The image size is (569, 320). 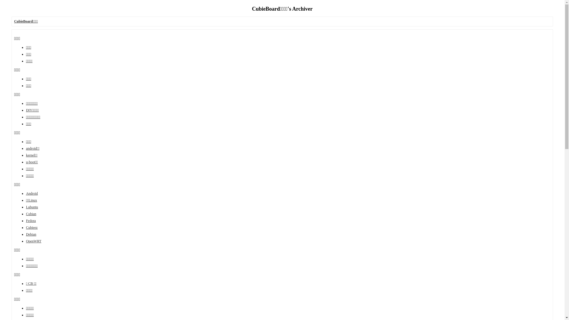 What do you see at coordinates (31, 234) in the screenshot?
I see `'Debian'` at bounding box center [31, 234].